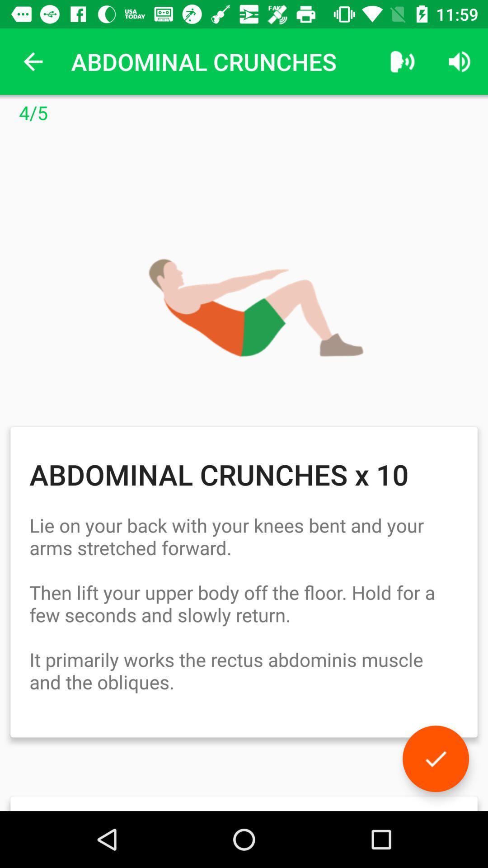 This screenshot has width=488, height=868. What do you see at coordinates (402, 61) in the screenshot?
I see `the item to the right of the abdominal crunches icon` at bounding box center [402, 61].